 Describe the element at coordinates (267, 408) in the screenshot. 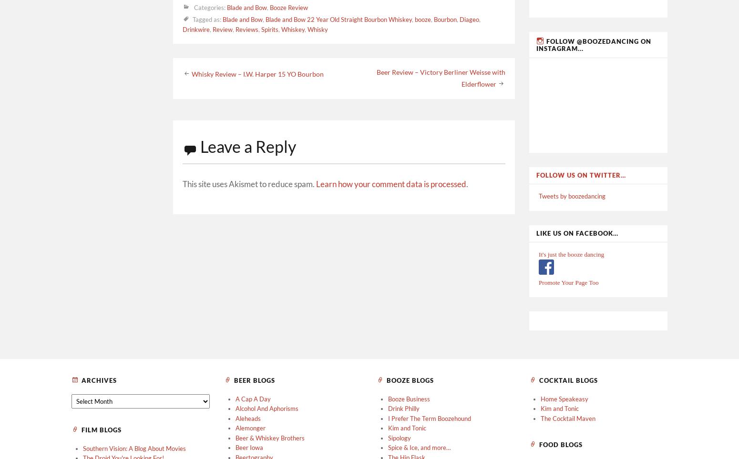

I see `'Alcohol And Aphorisms'` at that location.